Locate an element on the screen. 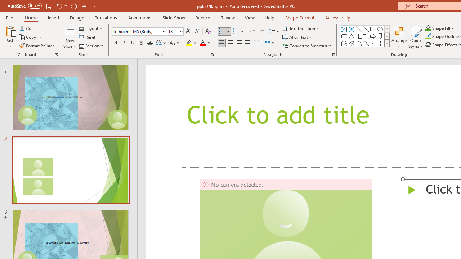  'Shape Format' is located at coordinates (300, 17).